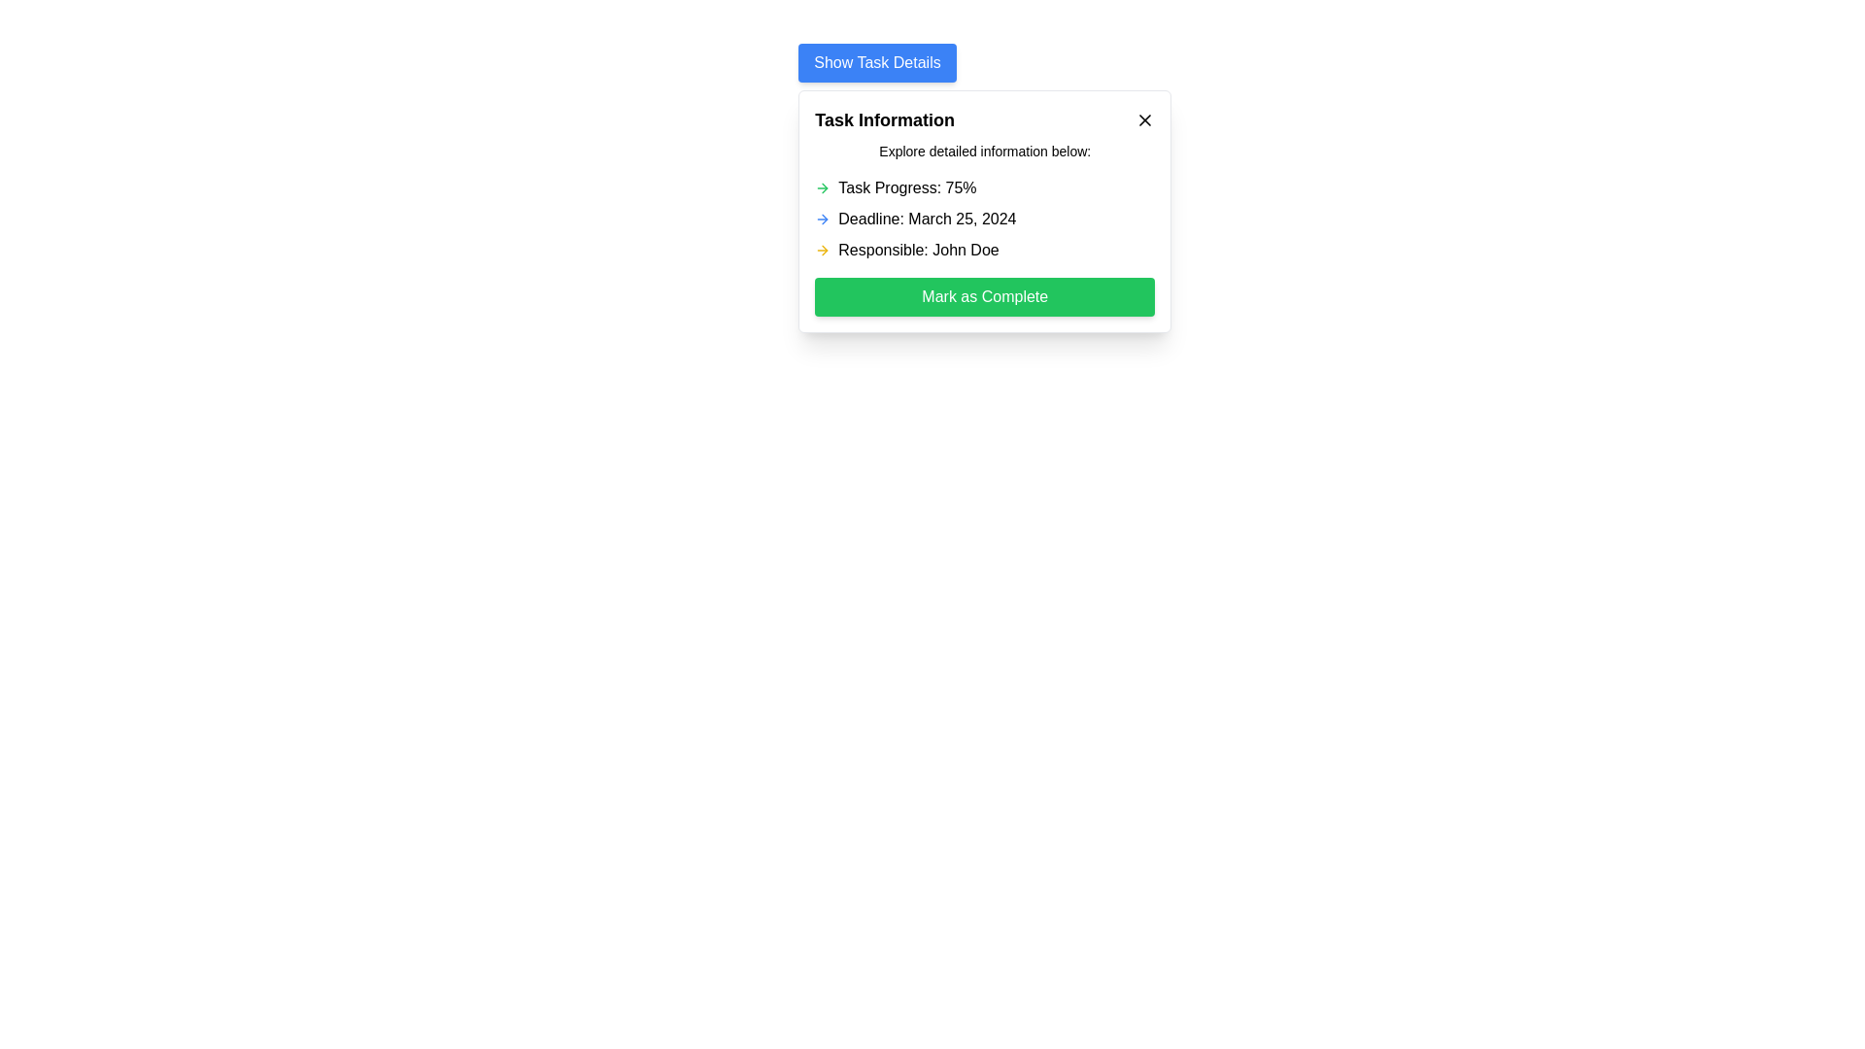 The width and height of the screenshot is (1865, 1049). What do you see at coordinates (985, 296) in the screenshot?
I see `the 'Mark as Complete' button, which is a green button with rounded edges located at the bottom of a card layout beneath the 'Responsible: John Doe' text` at bounding box center [985, 296].